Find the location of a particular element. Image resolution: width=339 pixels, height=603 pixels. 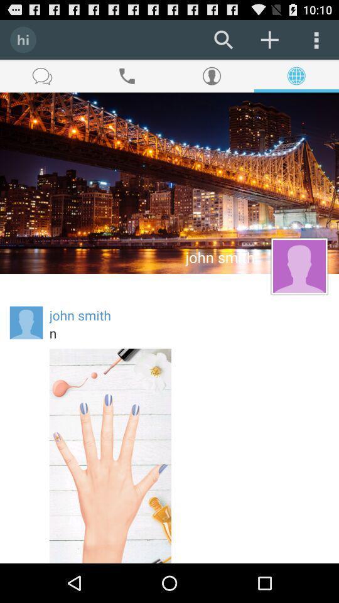

the icon next to the john smith item is located at coordinates (26, 322).